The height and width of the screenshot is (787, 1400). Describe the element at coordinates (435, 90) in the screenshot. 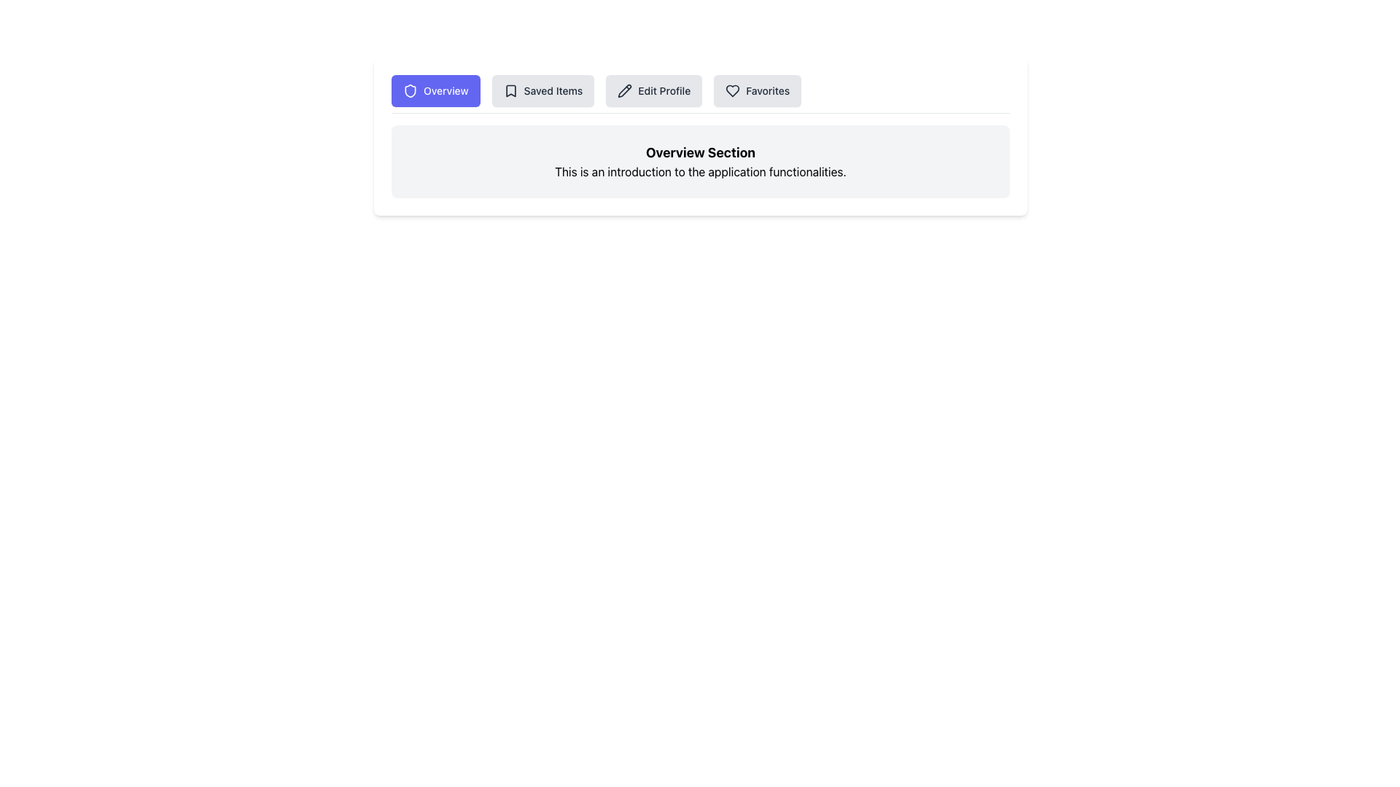

I see `the leftmost button in the row of navigation buttons` at that location.